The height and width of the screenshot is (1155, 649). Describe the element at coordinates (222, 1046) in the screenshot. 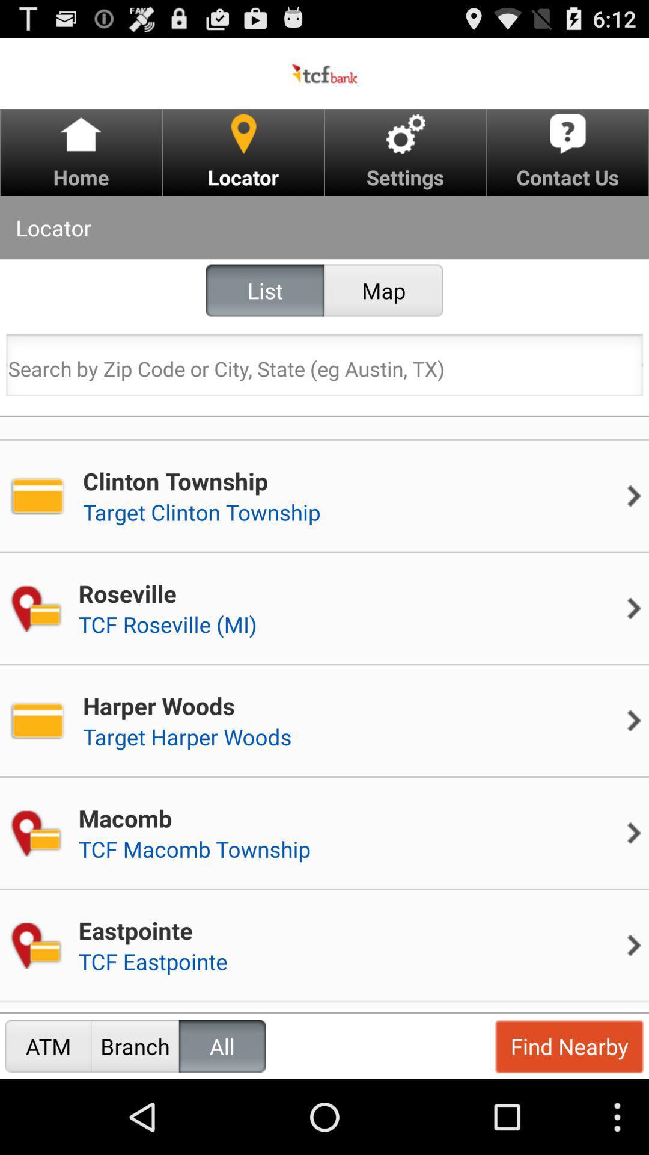

I see `all icon` at that location.